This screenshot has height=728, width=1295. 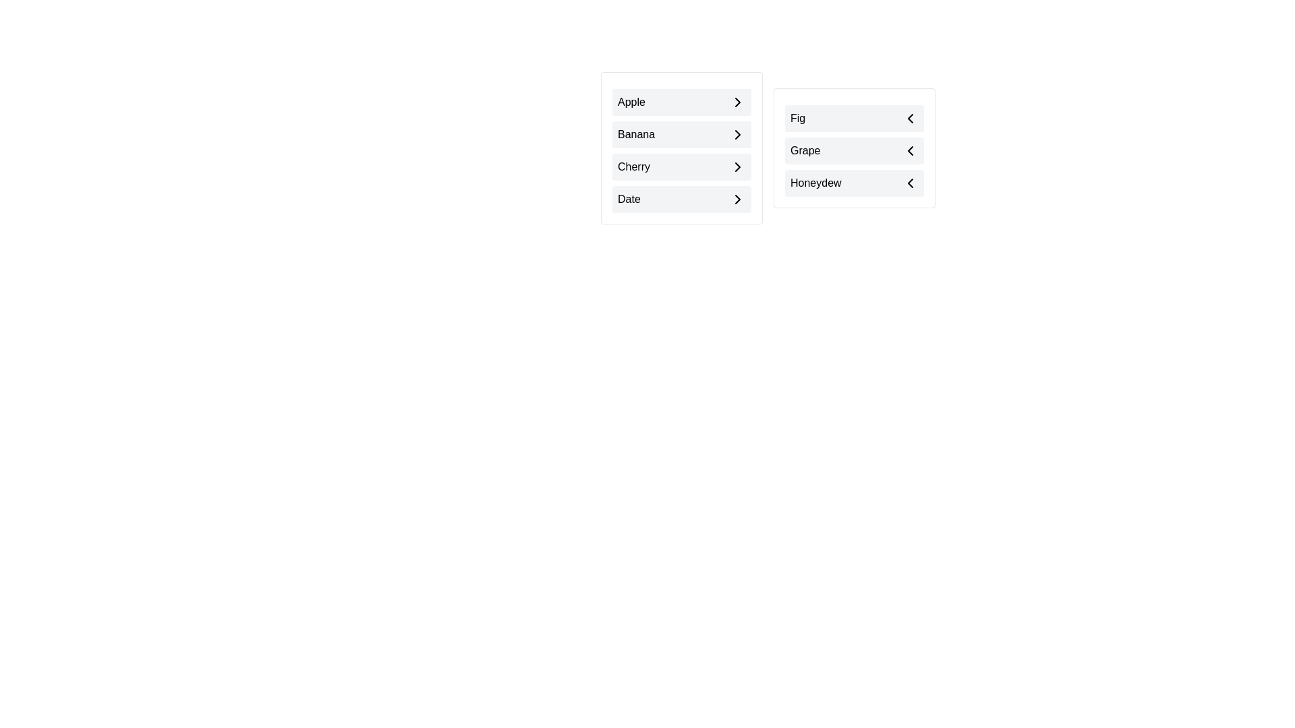 I want to click on the item Fig in the list, so click(x=854, y=118).